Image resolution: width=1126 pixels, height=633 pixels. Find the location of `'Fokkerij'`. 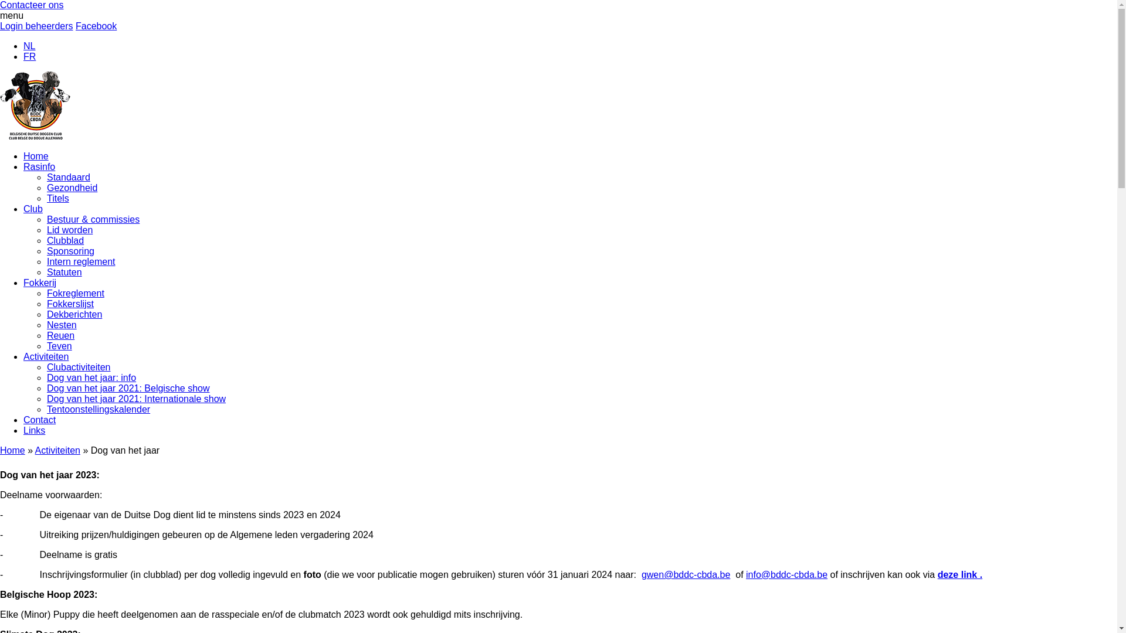

'Fokkerij' is located at coordinates (23, 283).